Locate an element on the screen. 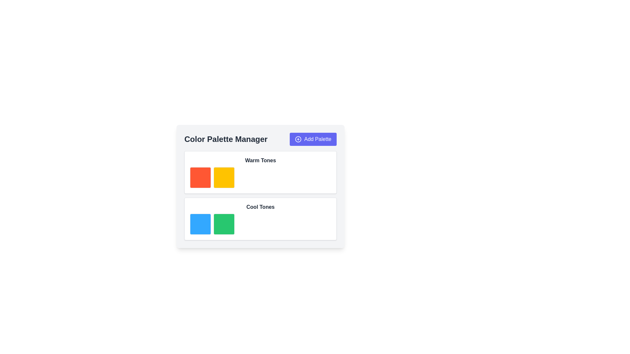 The width and height of the screenshot is (630, 354). the icon indicating the 'Add Palette' button located in the top-right corner of the application layout is located at coordinates (298, 139).